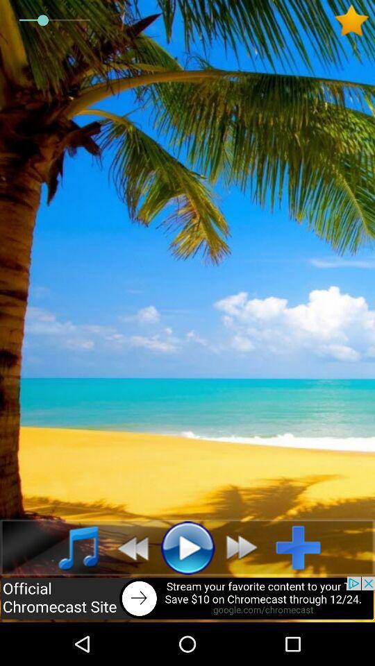  Describe the element at coordinates (303, 547) in the screenshot. I see `song` at that location.